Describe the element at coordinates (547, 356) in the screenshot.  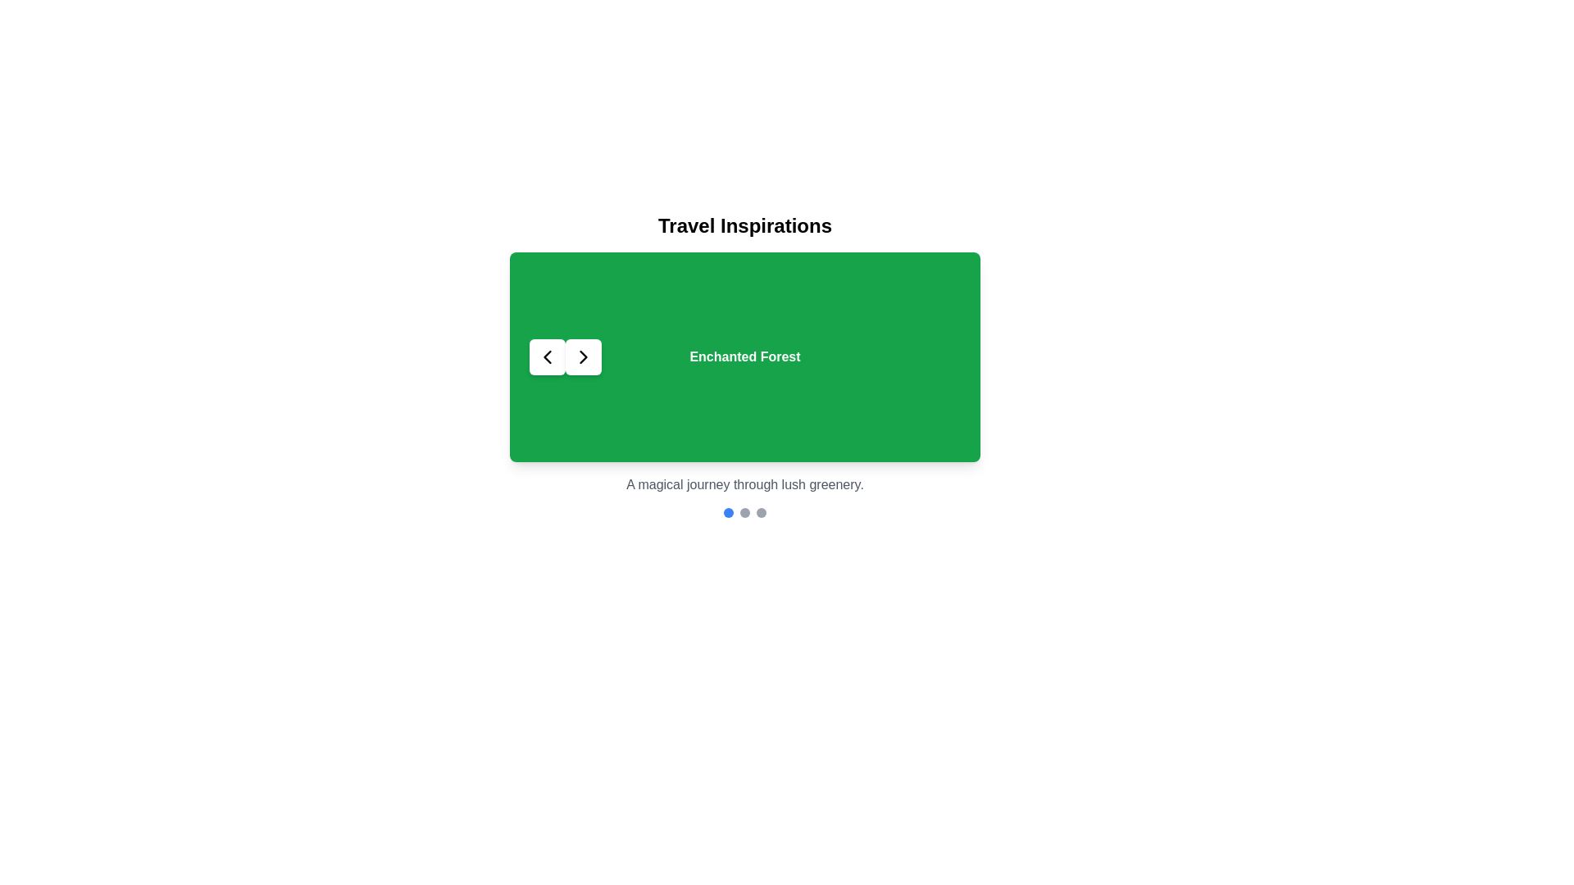
I see `the previous item button in the carousel, located within the green content area, to the left of the rightward arrow button` at that location.